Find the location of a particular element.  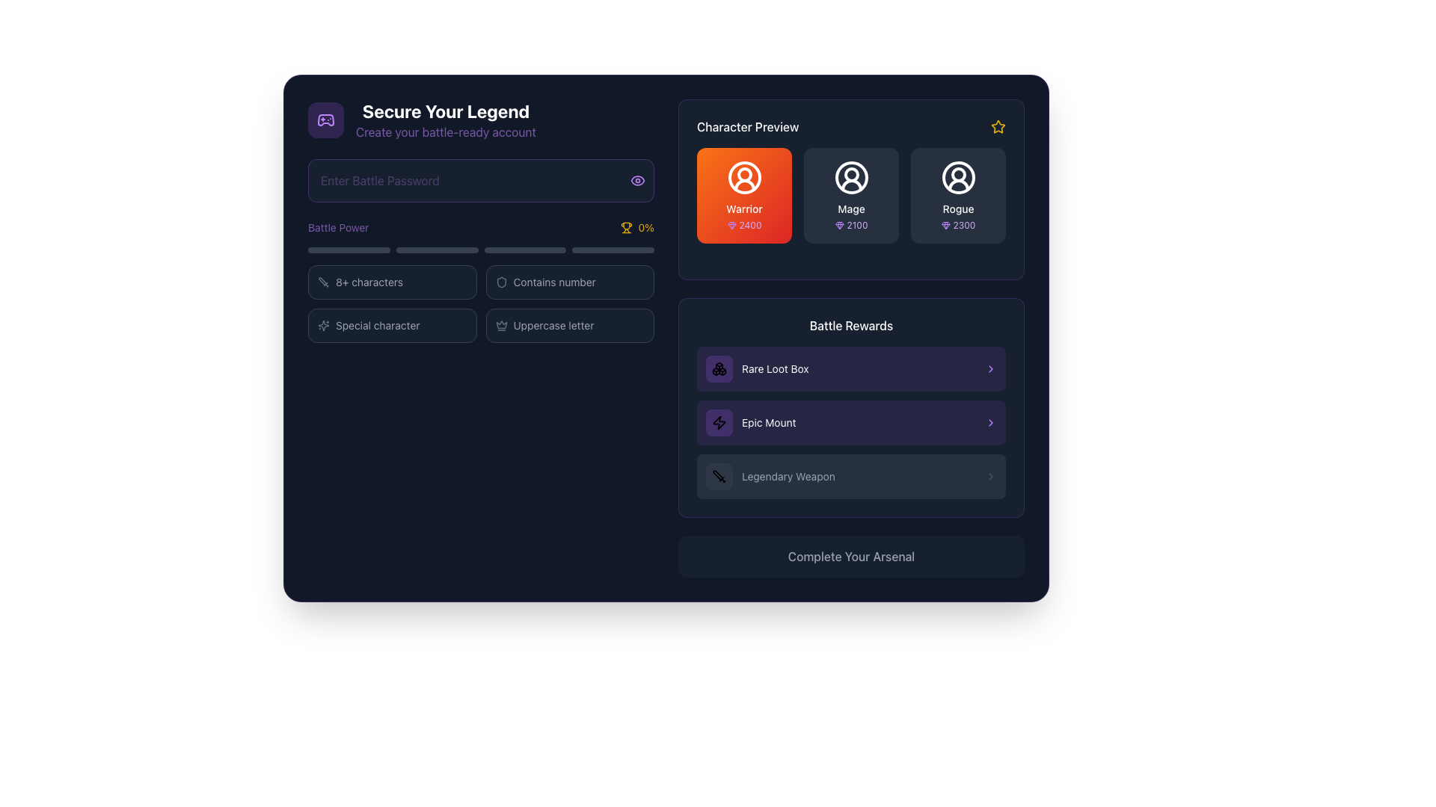

the criteria indicator element that shows 'Contains number' with a shield icon for further details is located at coordinates (569, 282).